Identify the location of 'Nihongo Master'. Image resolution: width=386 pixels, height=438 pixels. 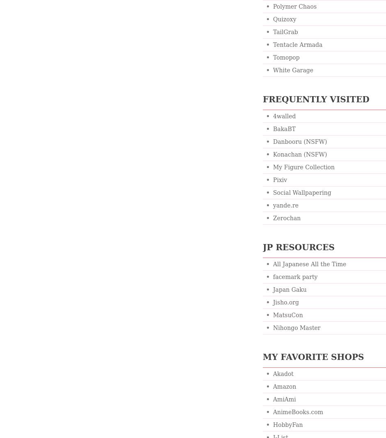
(273, 327).